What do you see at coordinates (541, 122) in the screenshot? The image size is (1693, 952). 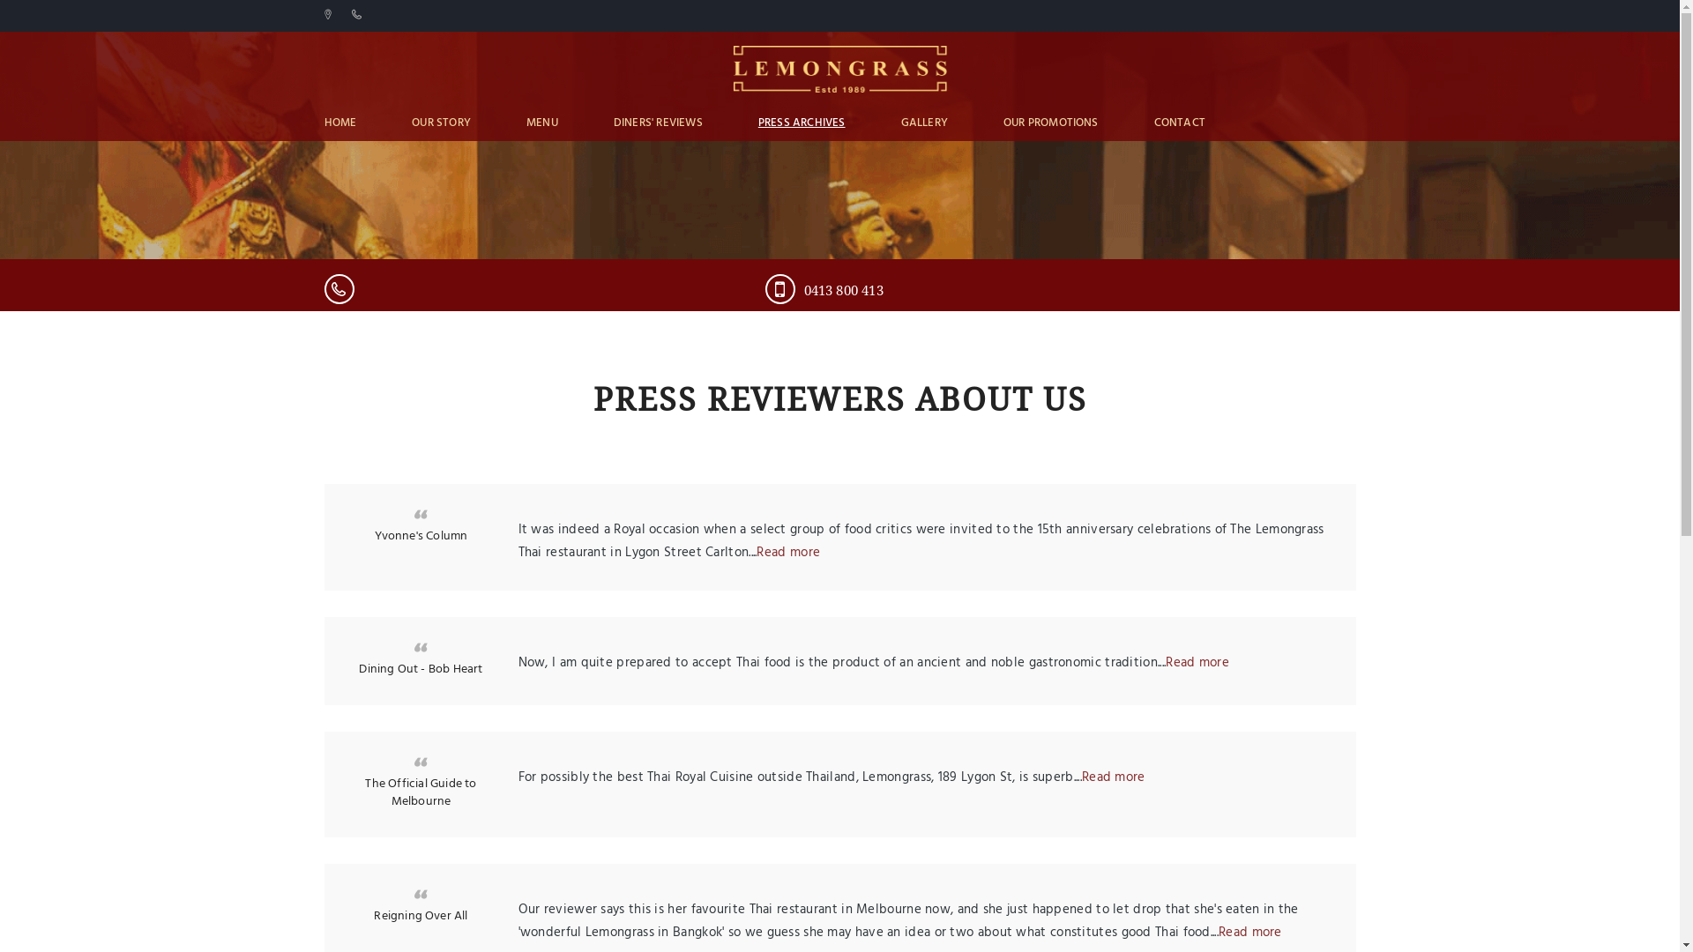 I see `'MENU'` at bounding box center [541, 122].